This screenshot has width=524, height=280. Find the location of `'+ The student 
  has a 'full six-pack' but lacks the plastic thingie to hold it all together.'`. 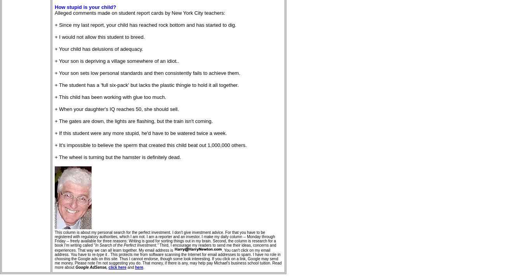

'+ The student 
  has a 'full six-pack' but lacks the plastic thingie to hold it all together.' is located at coordinates (54, 85).